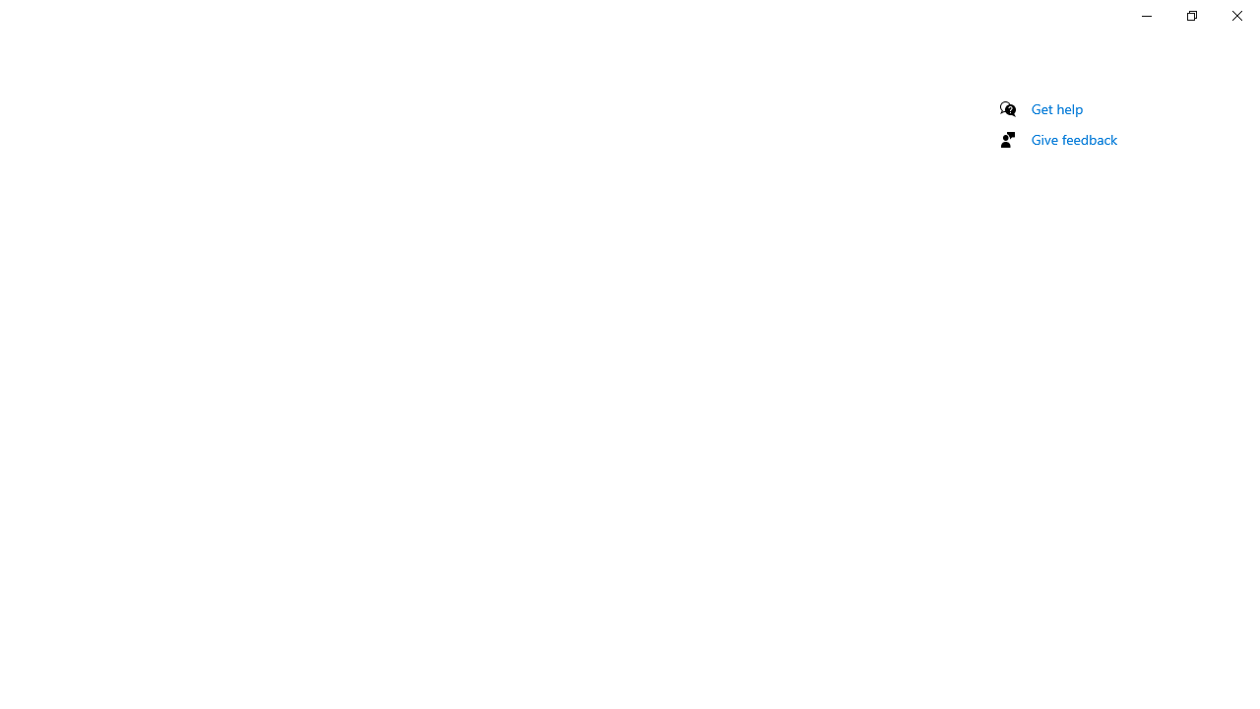 Image resolution: width=1260 pixels, height=709 pixels. Describe the element at coordinates (1056, 108) in the screenshot. I see `'Get help'` at that location.